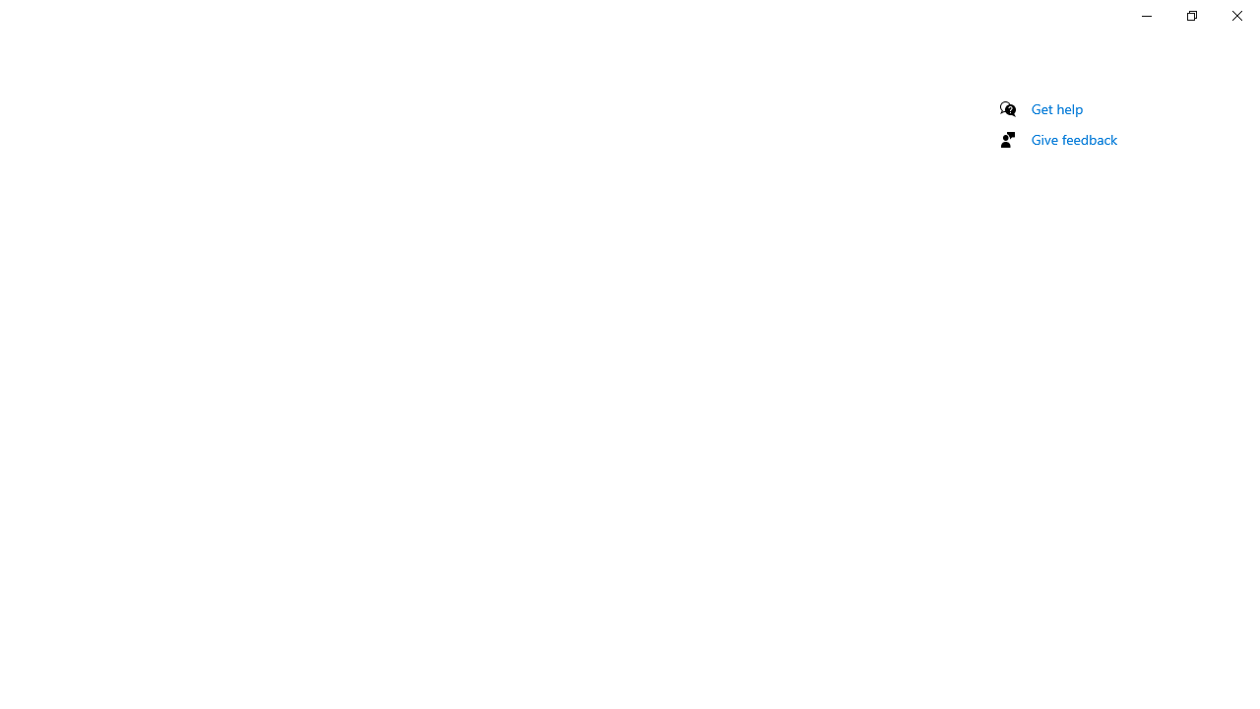 Image resolution: width=1260 pixels, height=709 pixels. Describe the element at coordinates (1056, 108) in the screenshot. I see `'Get help'` at that location.